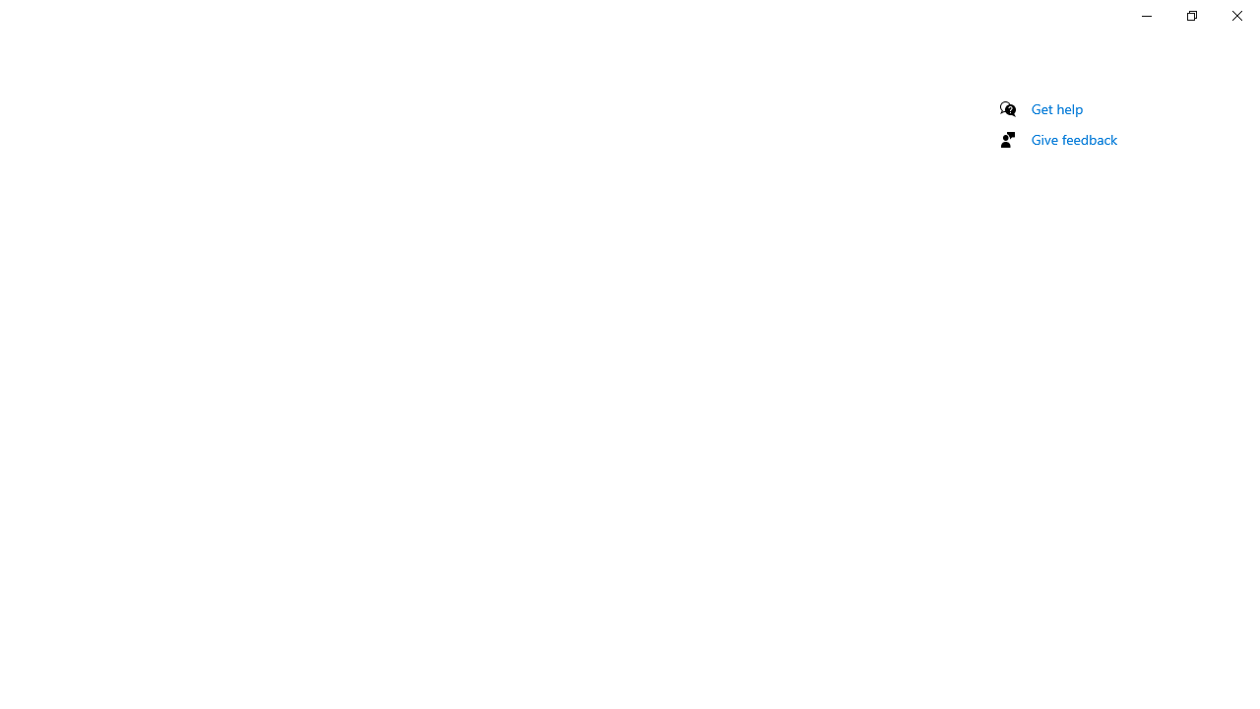 Image resolution: width=1260 pixels, height=709 pixels. Describe the element at coordinates (1056, 108) in the screenshot. I see `'Get help'` at that location.